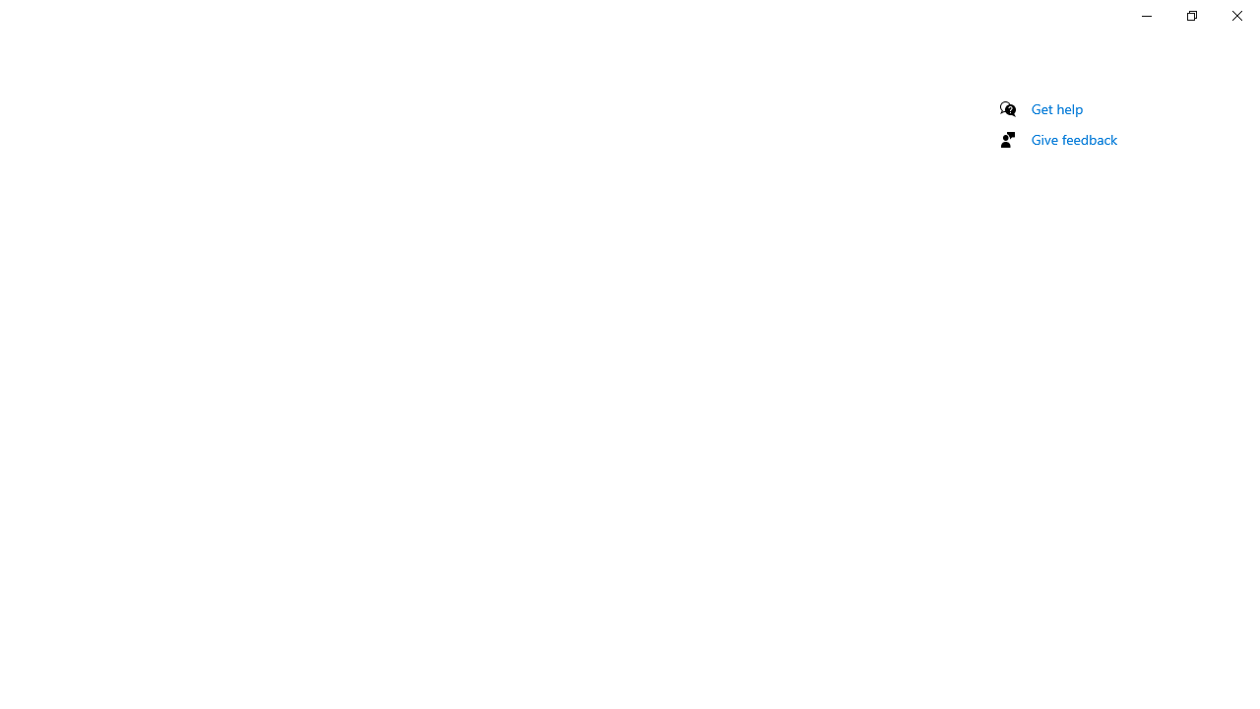 Image resolution: width=1260 pixels, height=709 pixels. Describe the element at coordinates (1056, 108) in the screenshot. I see `'Get help'` at that location.